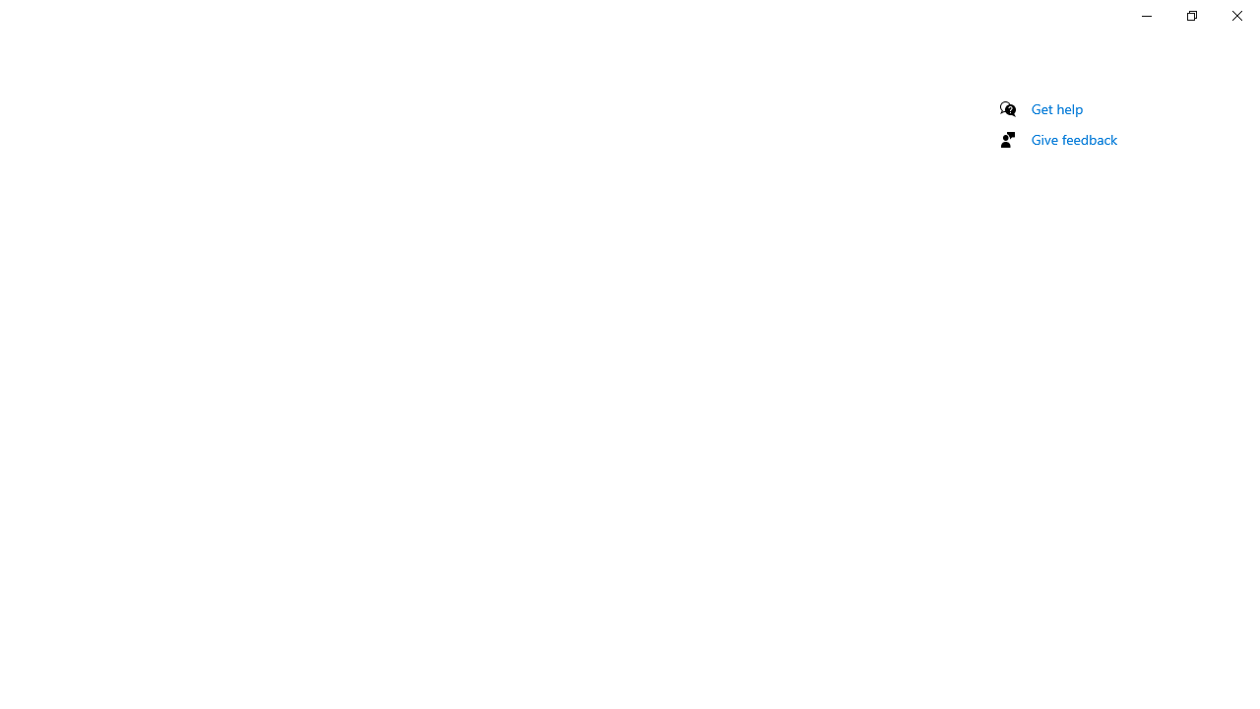 Image resolution: width=1260 pixels, height=709 pixels. Describe the element at coordinates (1056, 108) in the screenshot. I see `'Get help'` at that location.